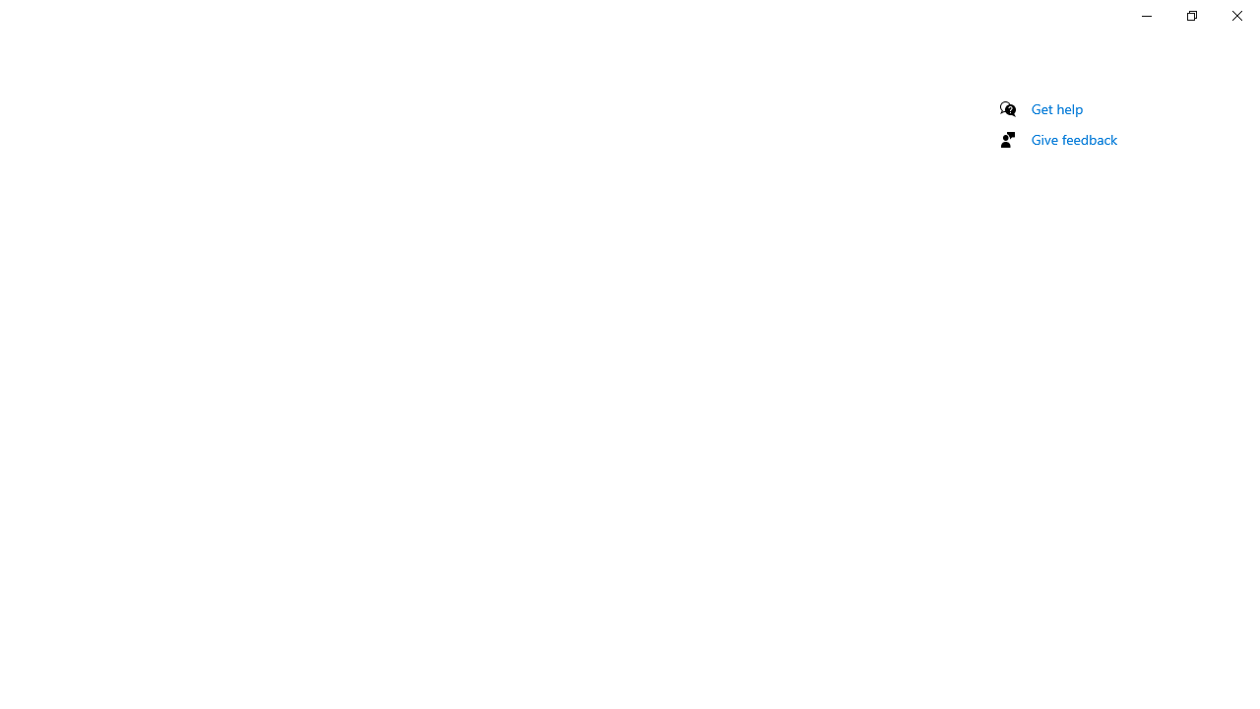 Image resolution: width=1260 pixels, height=709 pixels. Describe the element at coordinates (1056, 108) in the screenshot. I see `'Get help'` at that location.